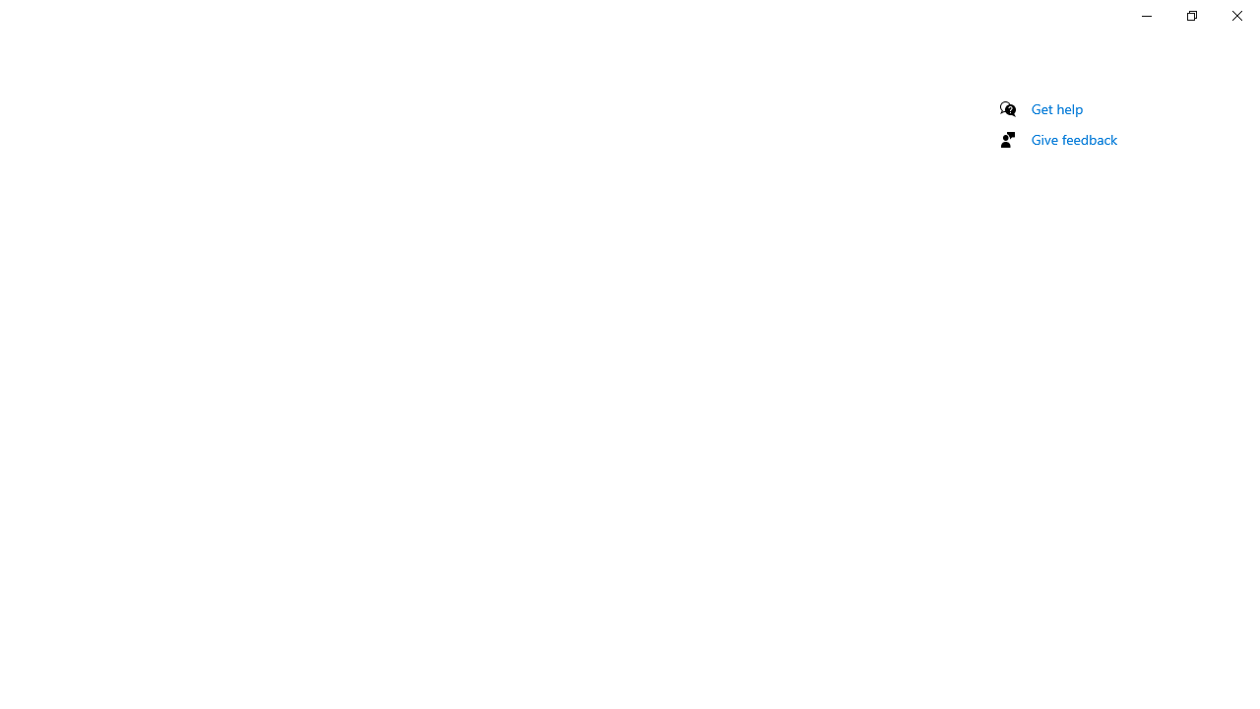 Image resolution: width=1260 pixels, height=709 pixels. Describe the element at coordinates (1056, 108) in the screenshot. I see `'Get help'` at that location.